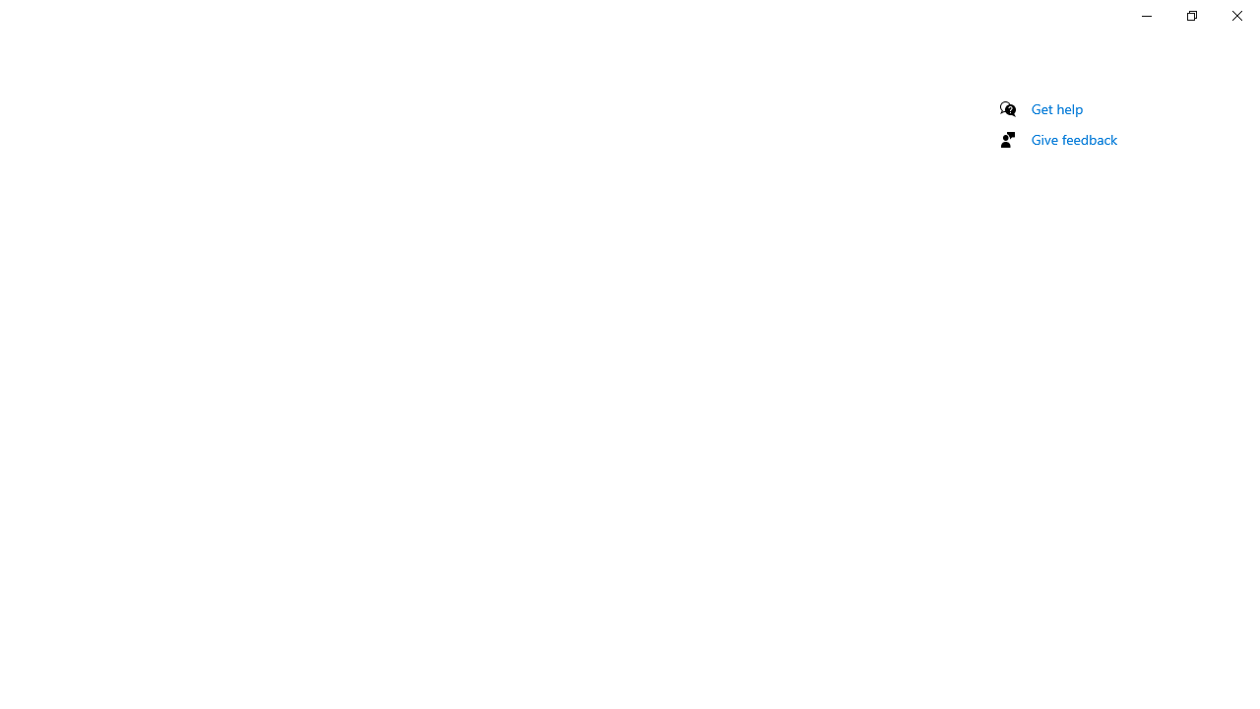 Image resolution: width=1260 pixels, height=709 pixels. Describe the element at coordinates (1056, 108) in the screenshot. I see `'Get help'` at that location.